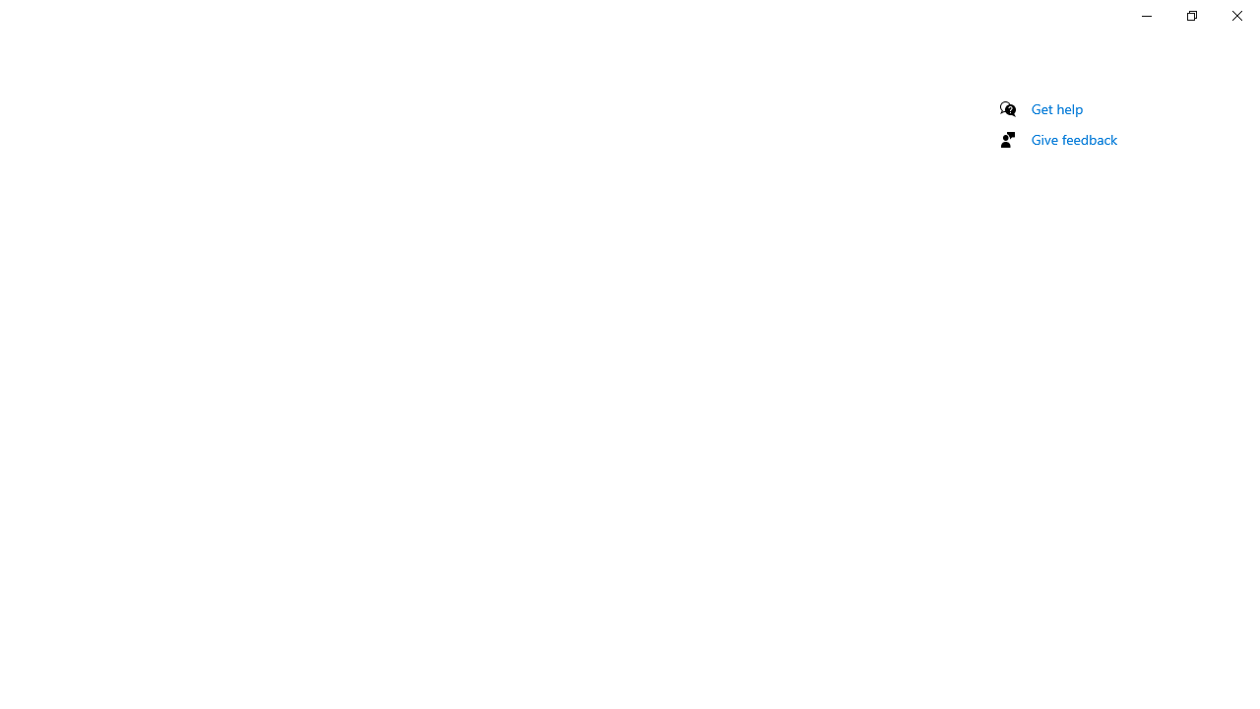 Image resolution: width=1260 pixels, height=709 pixels. Describe the element at coordinates (1056, 108) in the screenshot. I see `'Get help'` at that location.